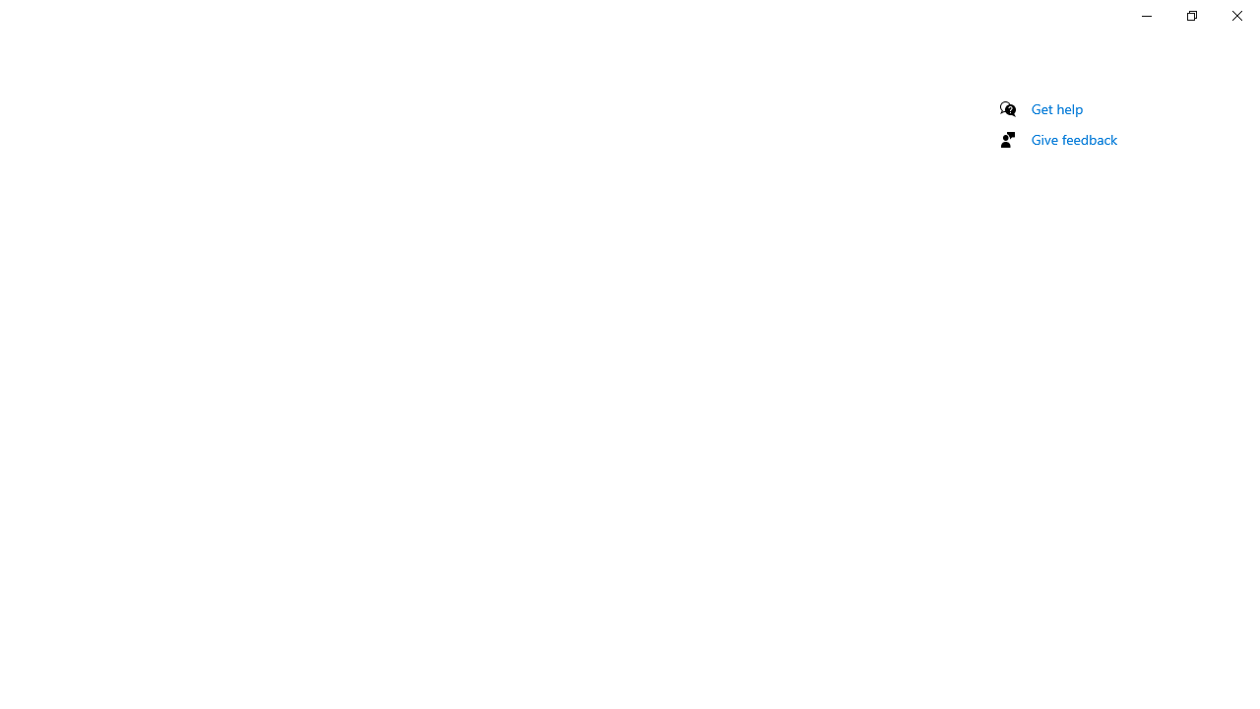 Image resolution: width=1260 pixels, height=709 pixels. Describe the element at coordinates (1056, 108) in the screenshot. I see `'Get help'` at that location.